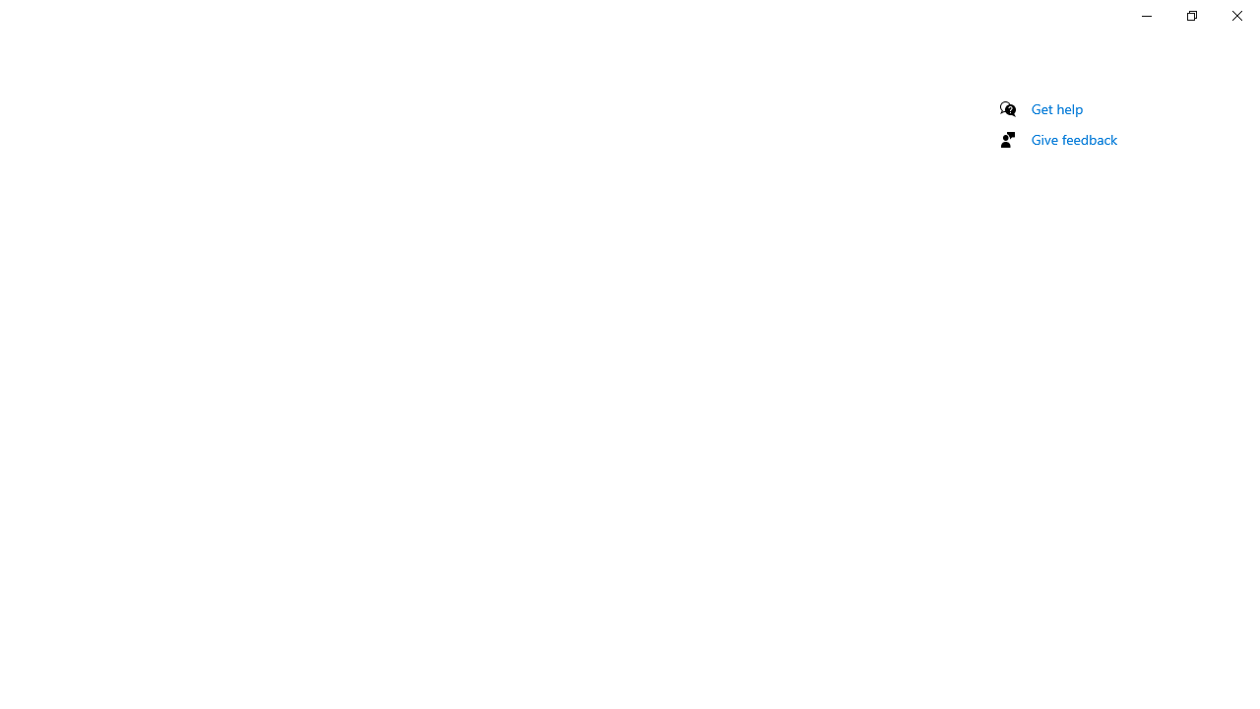 Image resolution: width=1260 pixels, height=709 pixels. Describe the element at coordinates (1056, 108) in the screenshot. I see `'Get help'` at that location.